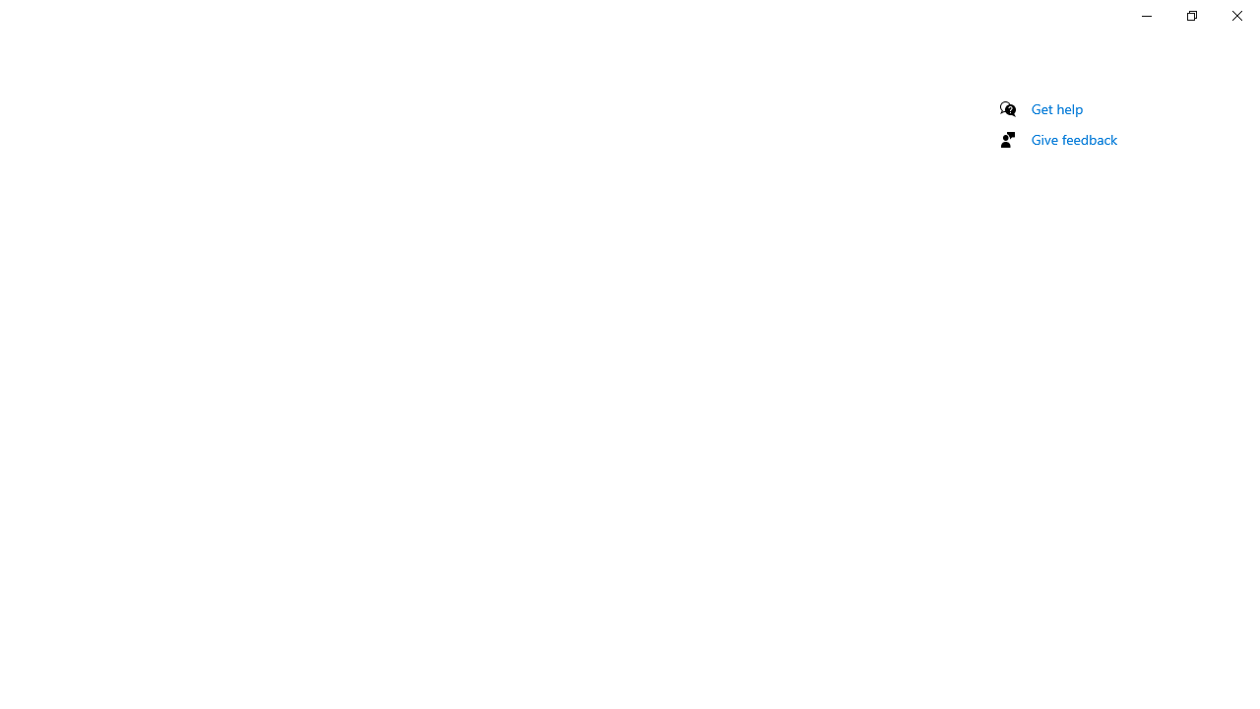 Image resolution: width=1260 pixels, height=709 pixels. Describe the element at coordinates (1056, 108) in the screenshot. I see `'Get help'` at that location.